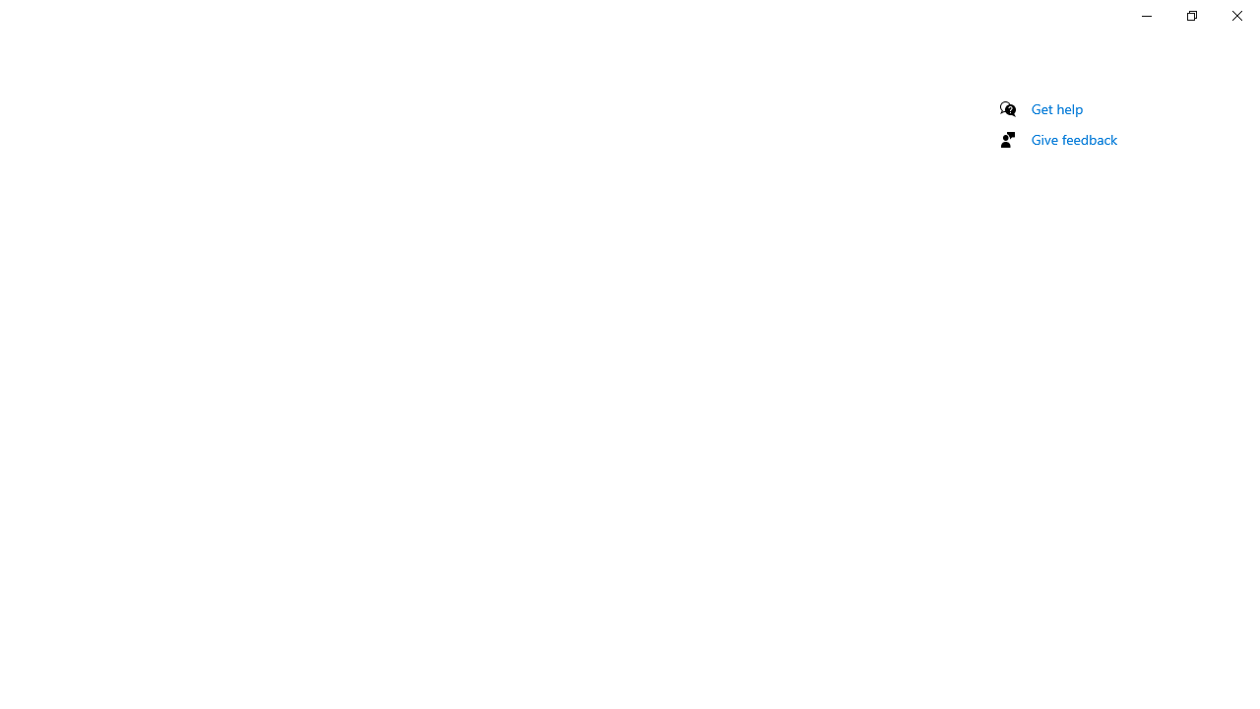 Image resolution: width=1260 pixels, height=709 pixels. Describe the element at coordinates (1056, 108) in the screenshot. I see `'Get help'` at that location.